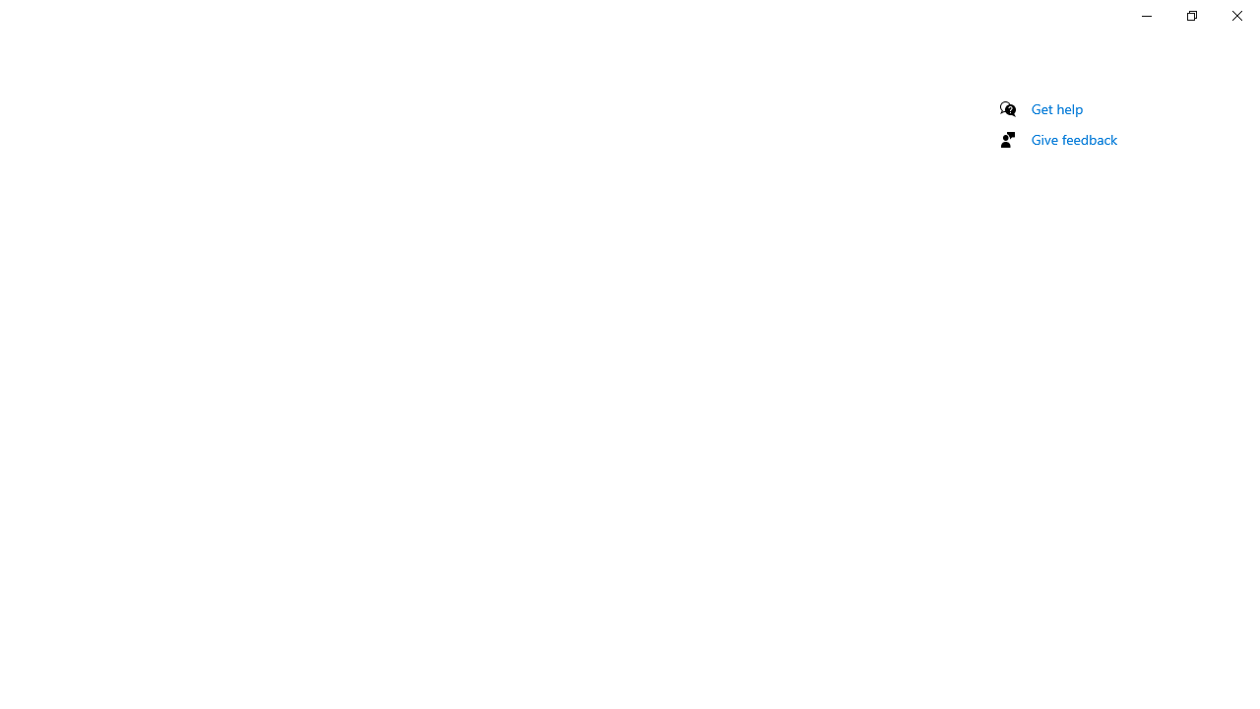 Image resolution: width=1260 pixels, height=709 pixels. Describe the element at coordinates (1056, 108) in the screenshot. I see `'Get help'` at that location.